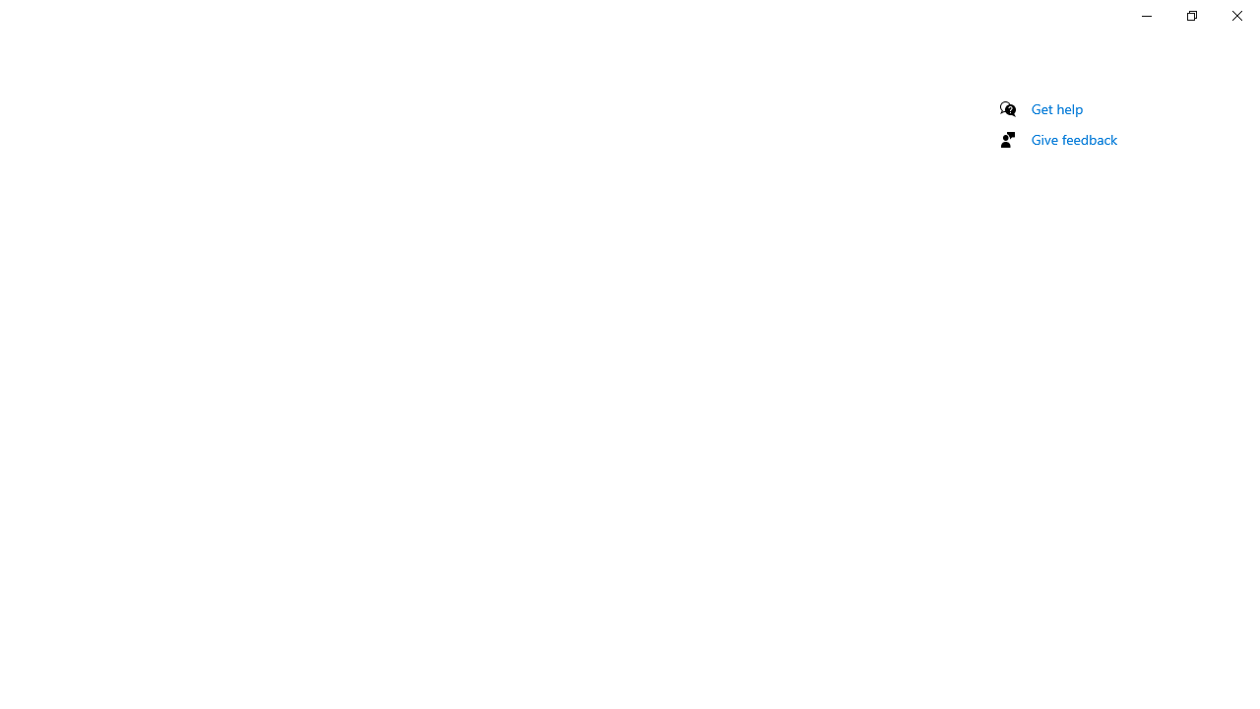 Image resolution: width=1260 pixels, height=709 pixels. Describe the element at coordinates (1056, 108) in the screenshot. I see `'Get help'` at that location.